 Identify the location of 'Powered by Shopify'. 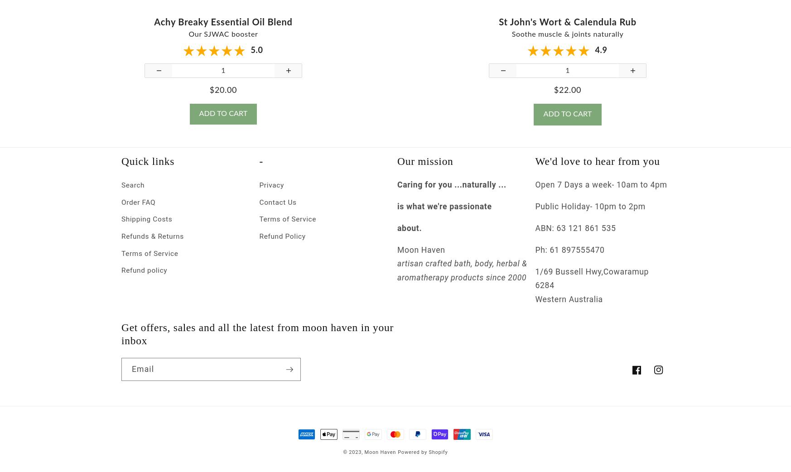
(397, 460).